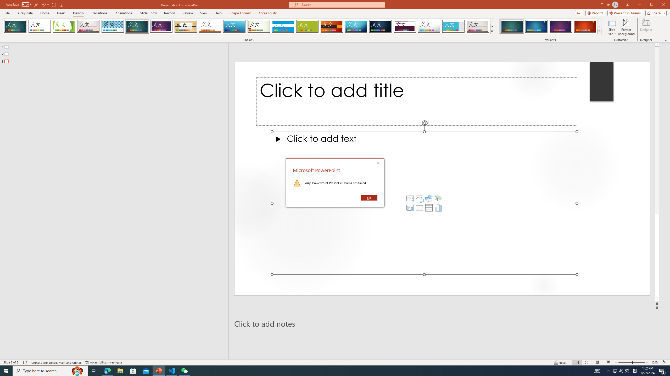 The image size is (670, 376). I want to click on 'Q2790: 100%', so click(615, 370).